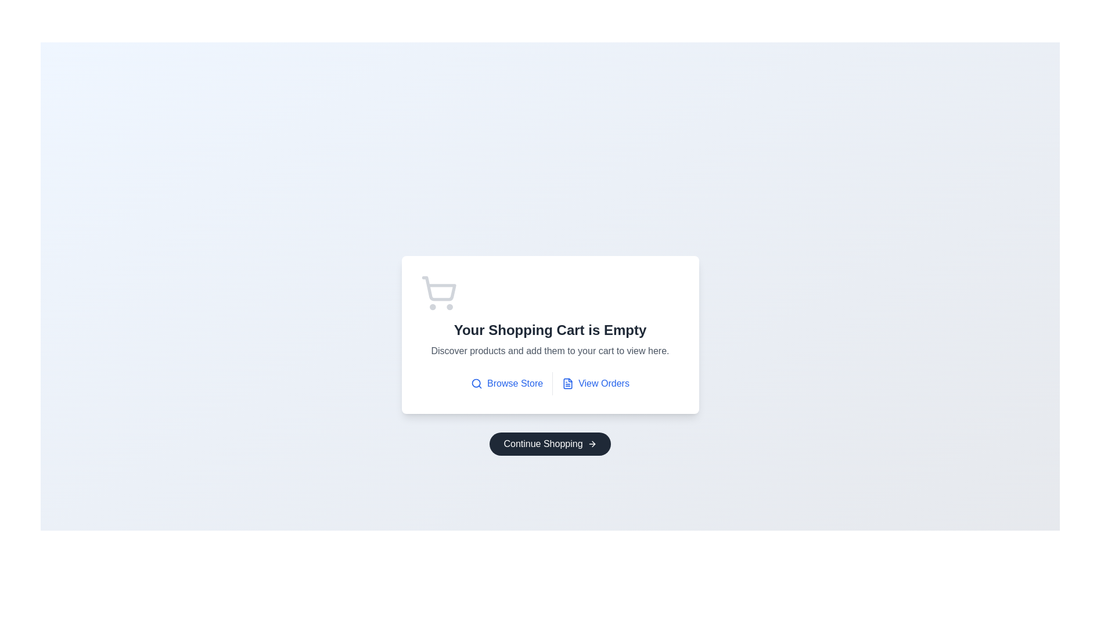  What do you see at coordinates (515, 383) in the screenshot?
I see `the 'Browse Store' hyperlink, which is displayed in blue and styled as a hyperlink, located centrally within the white card below 'Your Shopping Cart is Empty'` at bounding box center [515, 383].